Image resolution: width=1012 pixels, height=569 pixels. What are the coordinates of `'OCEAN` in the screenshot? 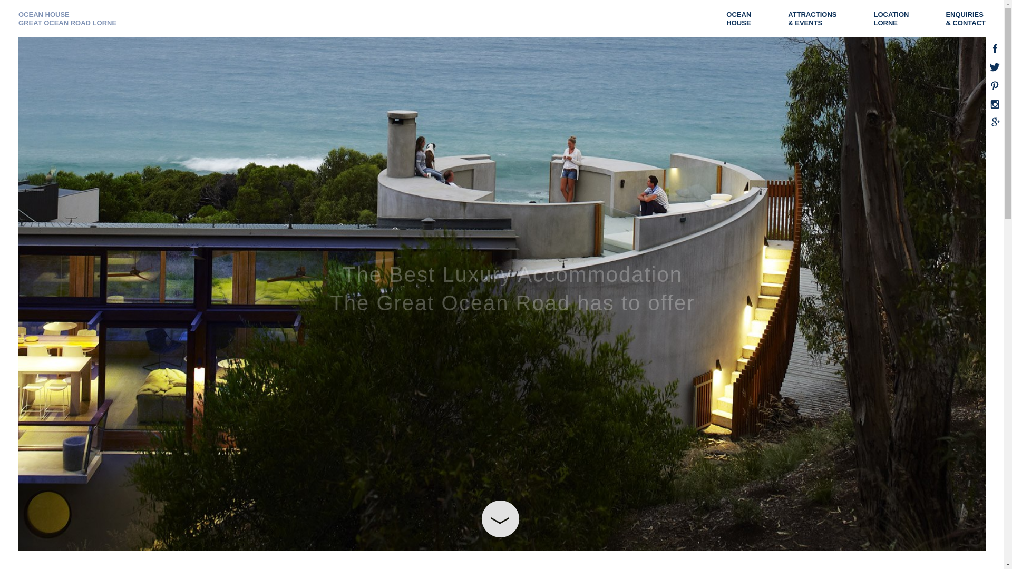 It's located at (743, 18).